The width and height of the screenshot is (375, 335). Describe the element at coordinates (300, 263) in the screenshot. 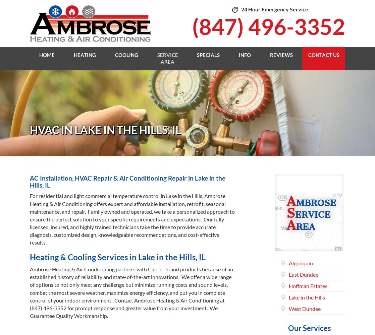

I see `'Algonquin'` at that location.